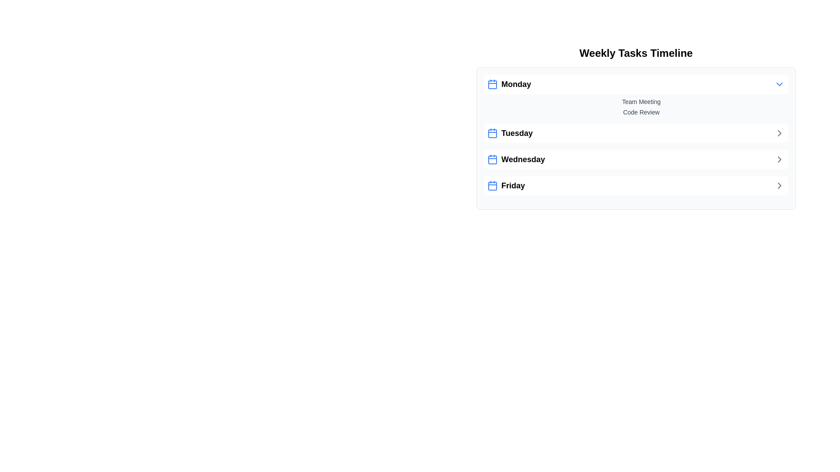 This screenshot has height=472, width=840. What do you see at coordinates (779, 185) in the screenshot?
I see `the right-chevron icon located at the end of the 'Friday' row in the 'Weekly Tasks Timeline' section` at bounding box center [779, 185].